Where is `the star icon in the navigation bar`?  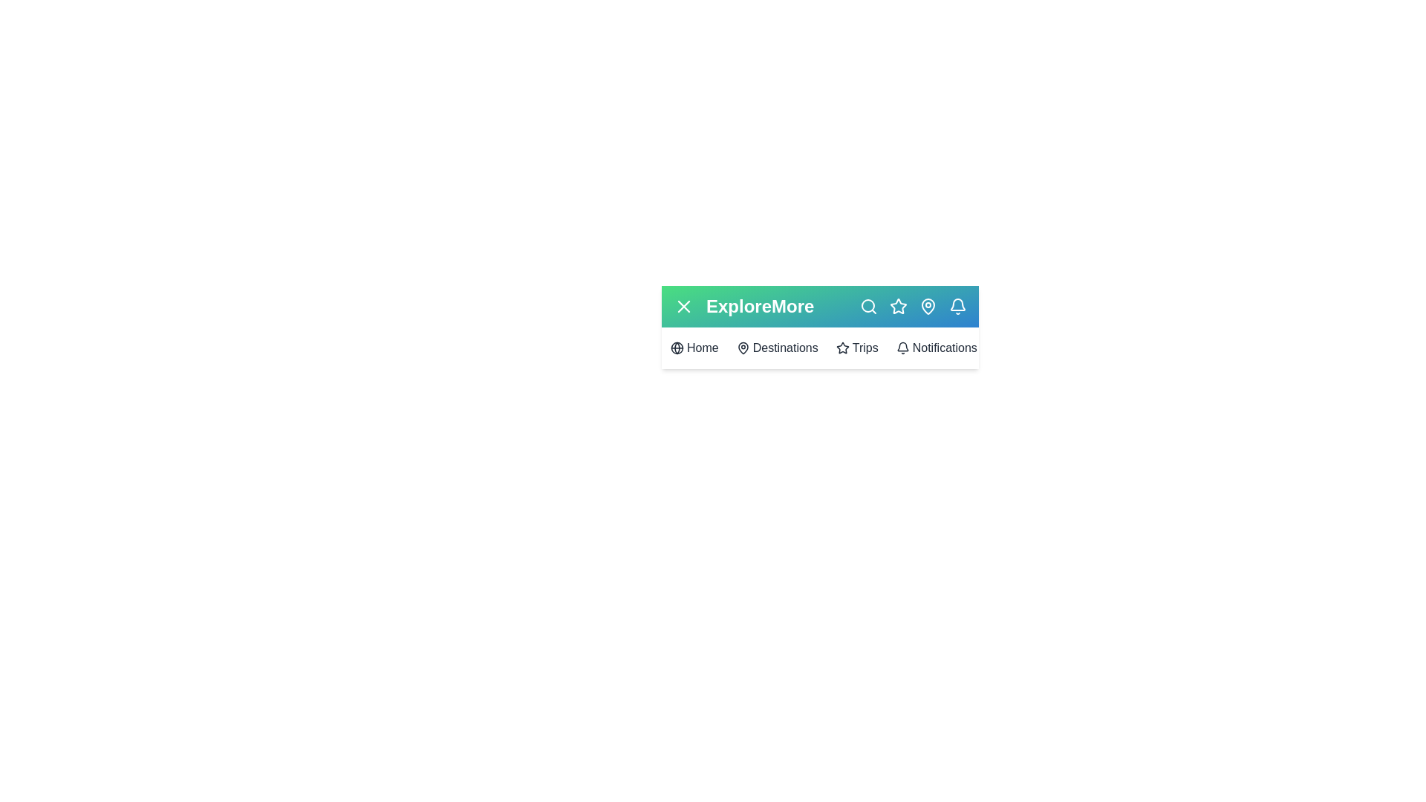
the star icon in the navigation bar is located at coordinates (897, 305).